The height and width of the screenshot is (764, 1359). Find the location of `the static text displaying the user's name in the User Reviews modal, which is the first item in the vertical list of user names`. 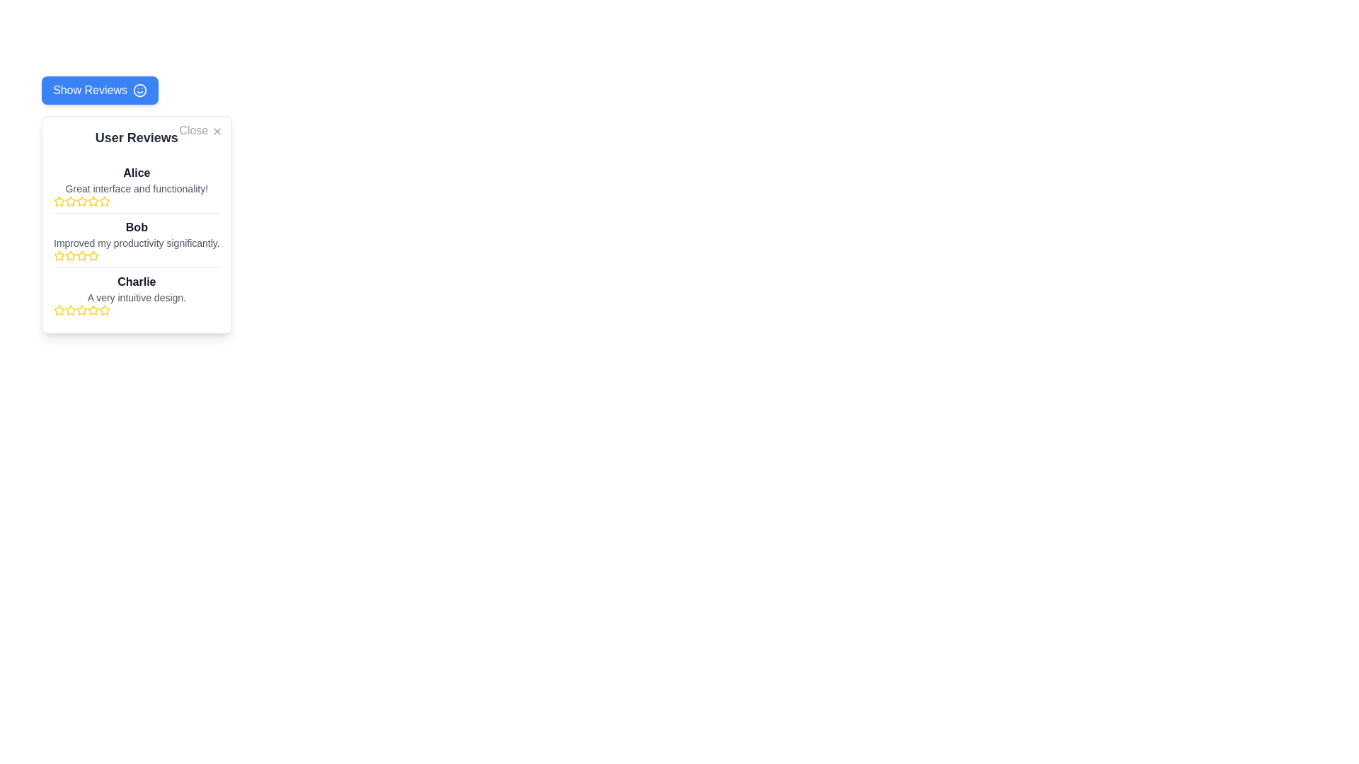

the static text displaying the user's name in the User Reviews modal, which is the first item in the vertical list of user names is located at coordinates (137, 172).